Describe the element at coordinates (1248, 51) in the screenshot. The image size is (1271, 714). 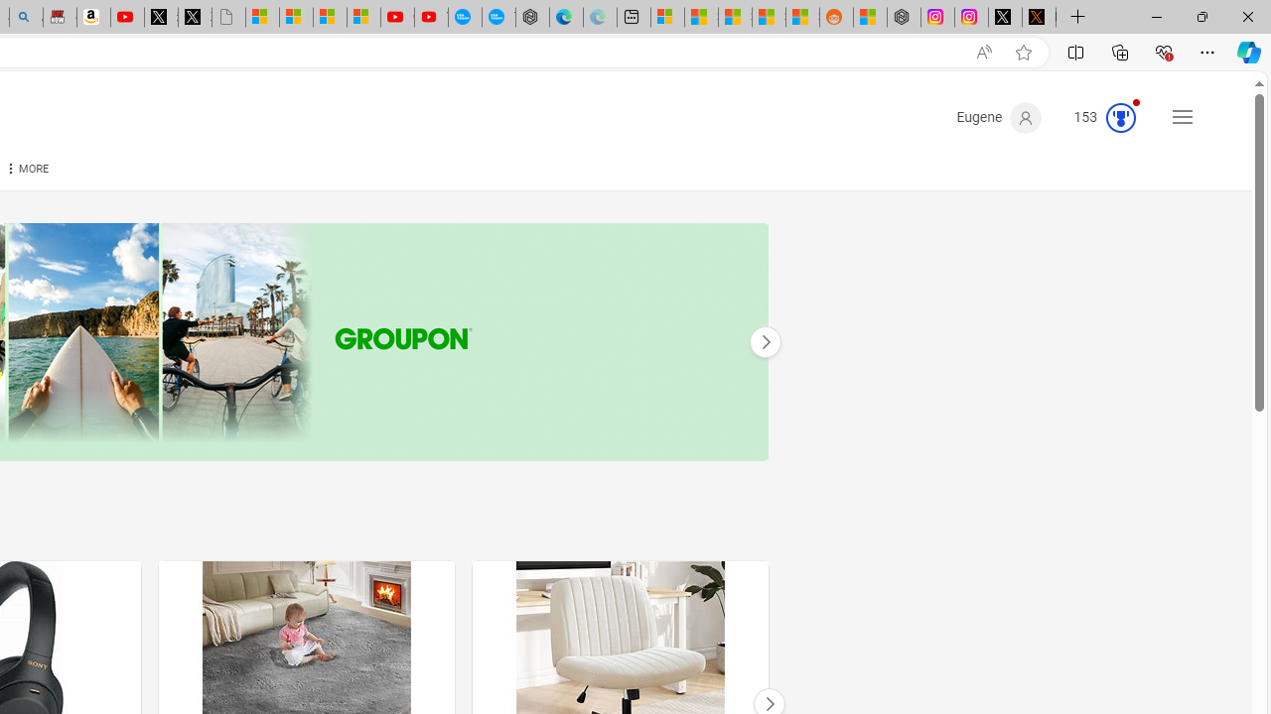
I see `'Copilot (Ctrl+Shift+.)'` at that location.